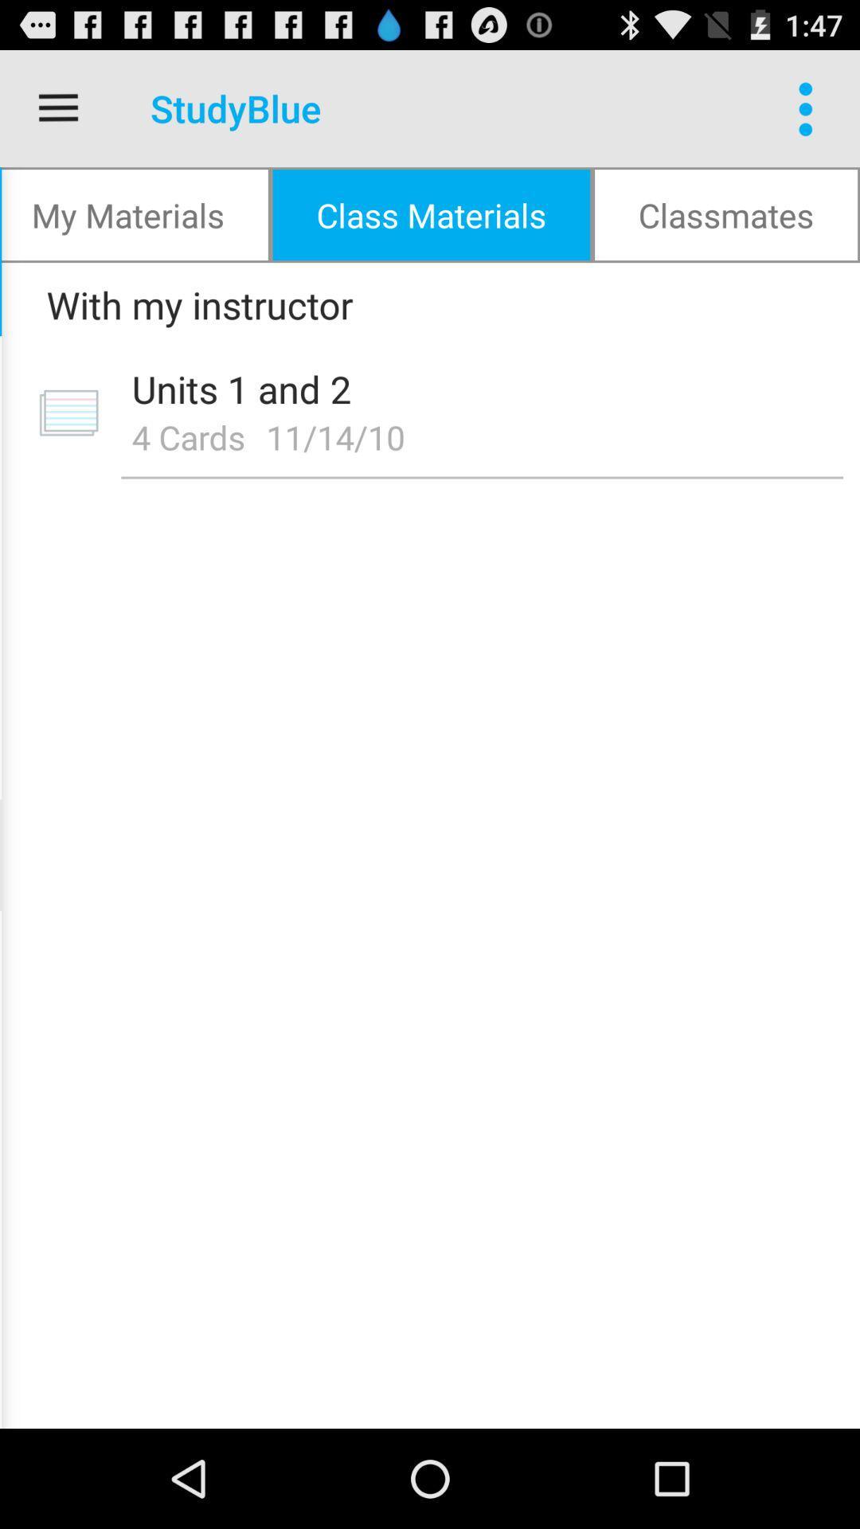 This screenshot has width=860, height=1529. I want to click on the 11/14/10 icon, so click(340, 436).